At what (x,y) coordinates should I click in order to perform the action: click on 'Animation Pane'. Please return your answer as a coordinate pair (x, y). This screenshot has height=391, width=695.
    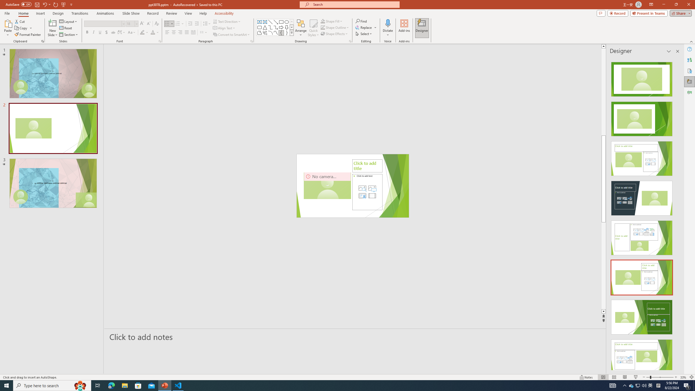
    Looking at the image, I should click on (689, 92).